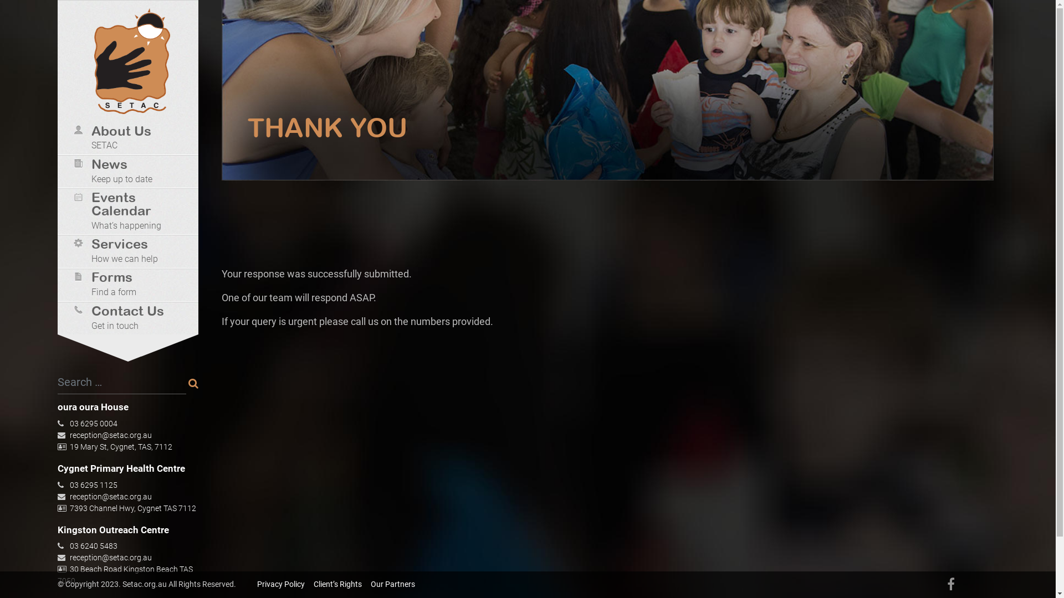 The width and height of the screenshot is (1064, 598). Describe the element at coordinates (93, 545) in the screenshot. I see `'03 6240 5483'` at that location.